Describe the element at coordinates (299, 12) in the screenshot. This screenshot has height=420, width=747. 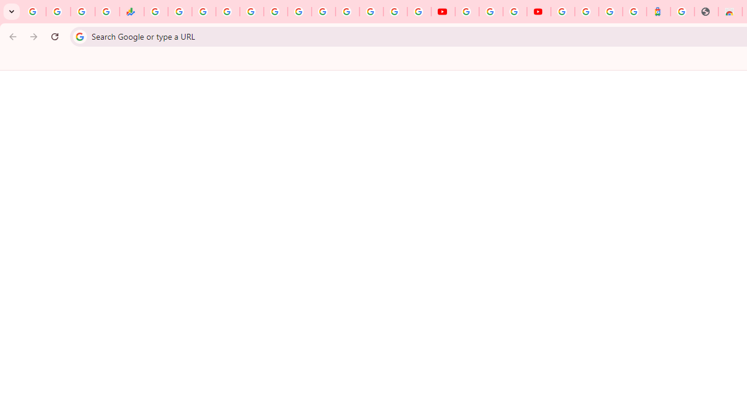
I see `'Android TV Policies and Guidelines - Transparency Center'` at that location.